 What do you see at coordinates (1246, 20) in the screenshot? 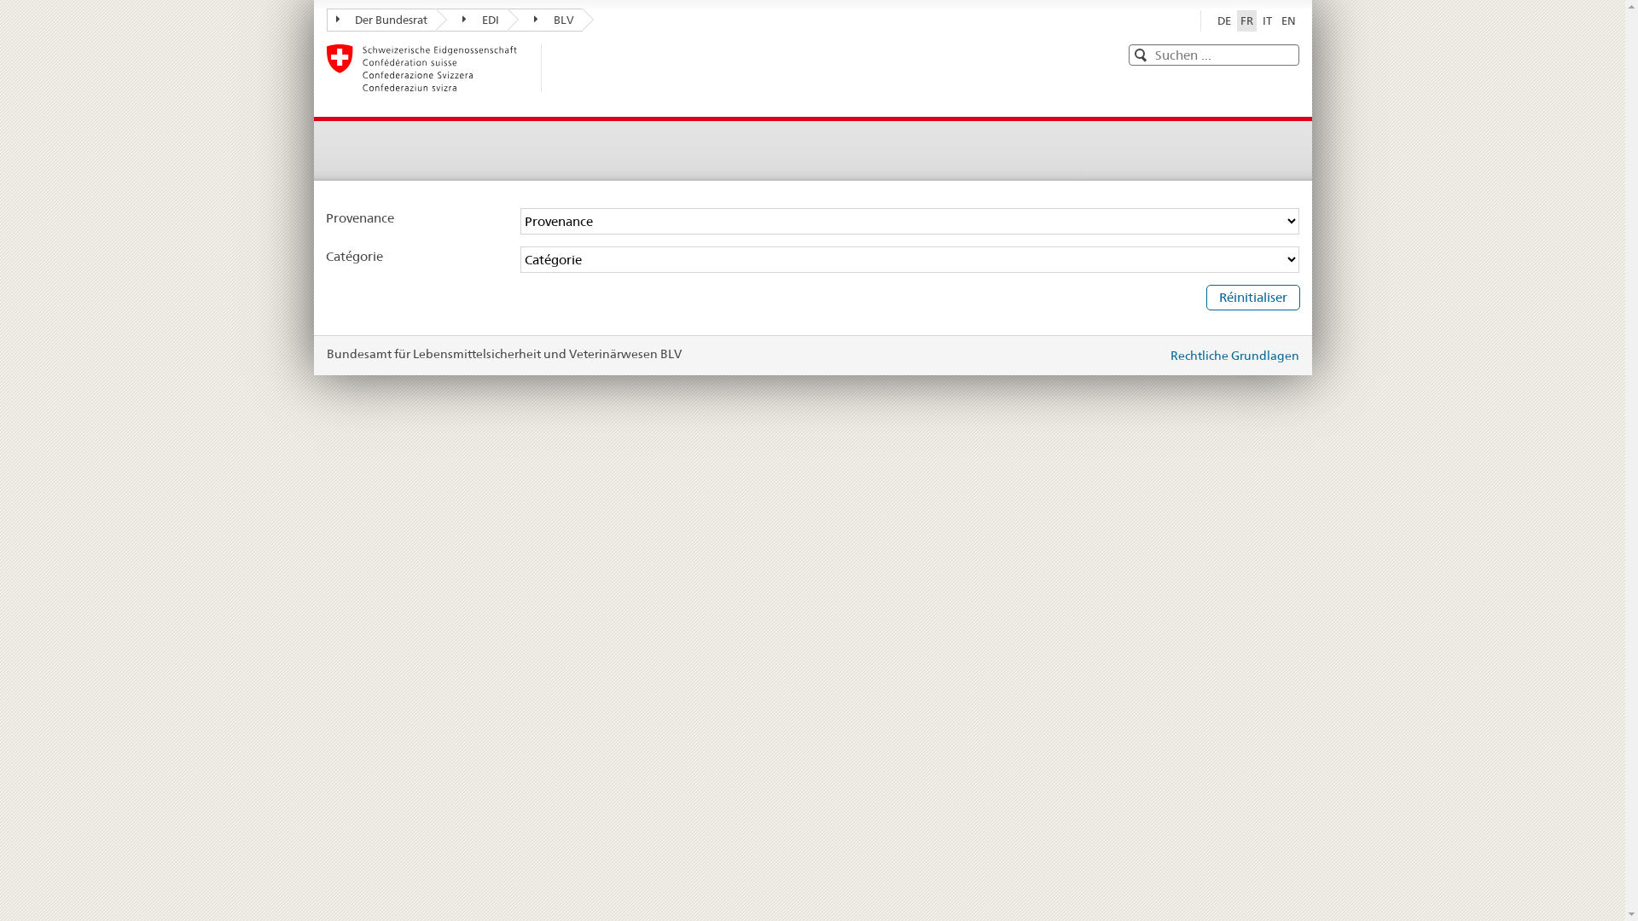
I see `'FR'` at bounding box center [1246, 20].